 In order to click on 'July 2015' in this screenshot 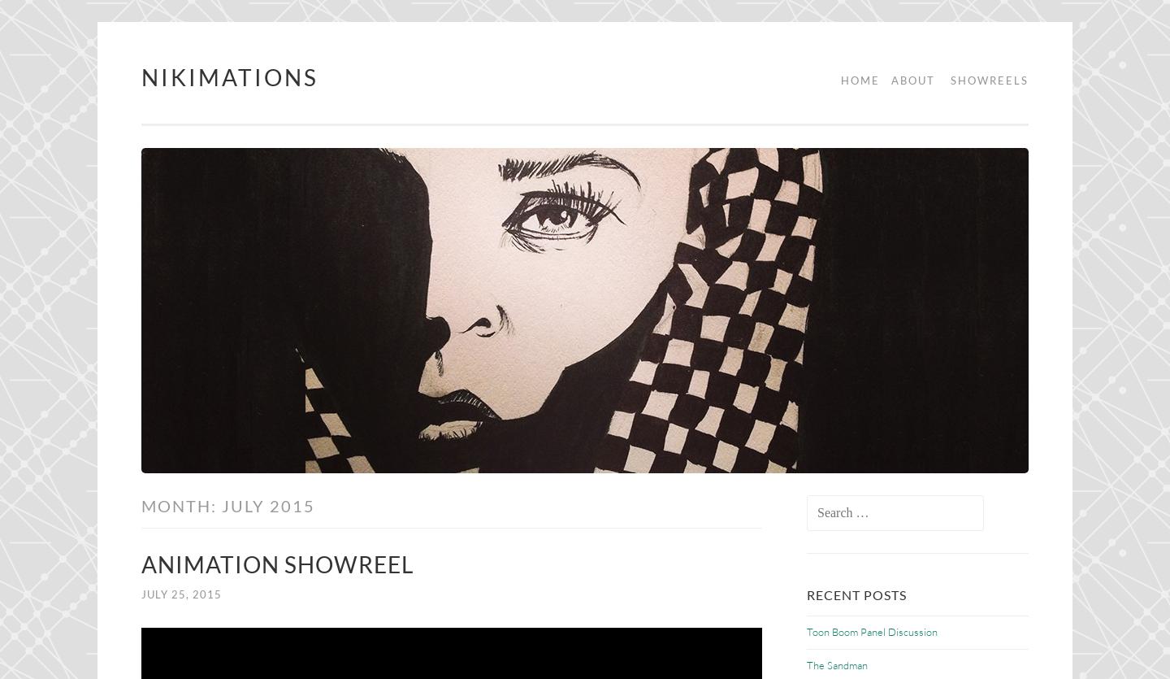, I will do `click(268, 504)`.